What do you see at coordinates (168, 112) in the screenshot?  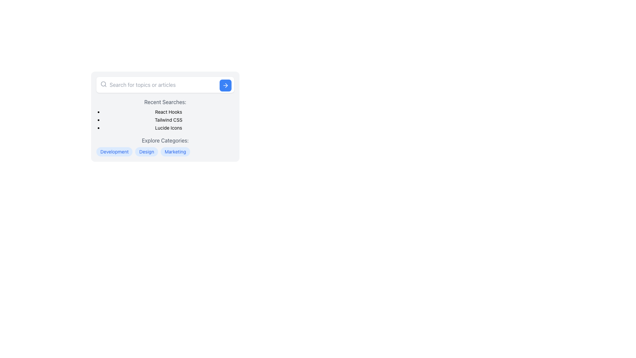 I see `the text label displaying 'React Hooks', which is the first item in the bulleted list under 'Recent Searches'` at bounding box center [168, 112].